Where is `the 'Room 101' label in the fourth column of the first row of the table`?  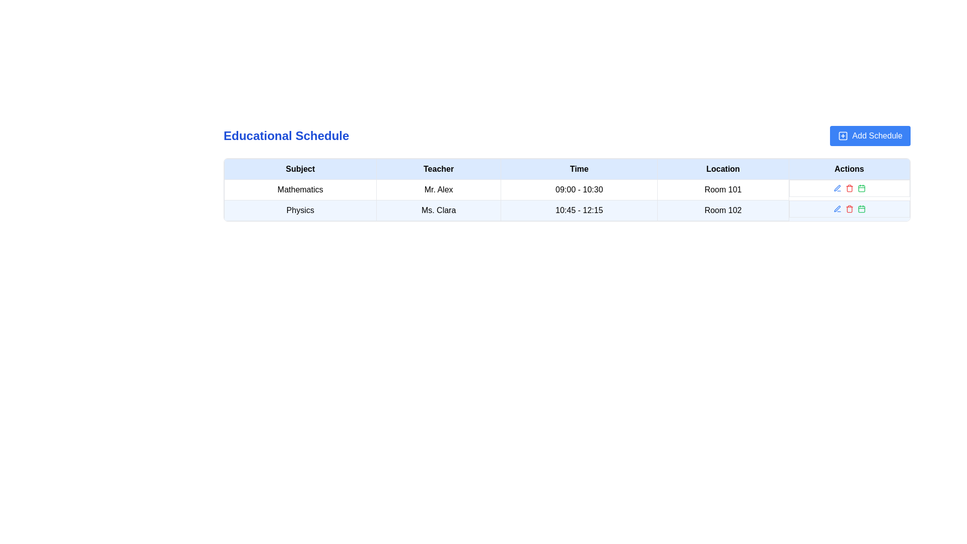
the 'Room 101' label in the fourth column of the first row of the table is located at coordinates (722, 190).